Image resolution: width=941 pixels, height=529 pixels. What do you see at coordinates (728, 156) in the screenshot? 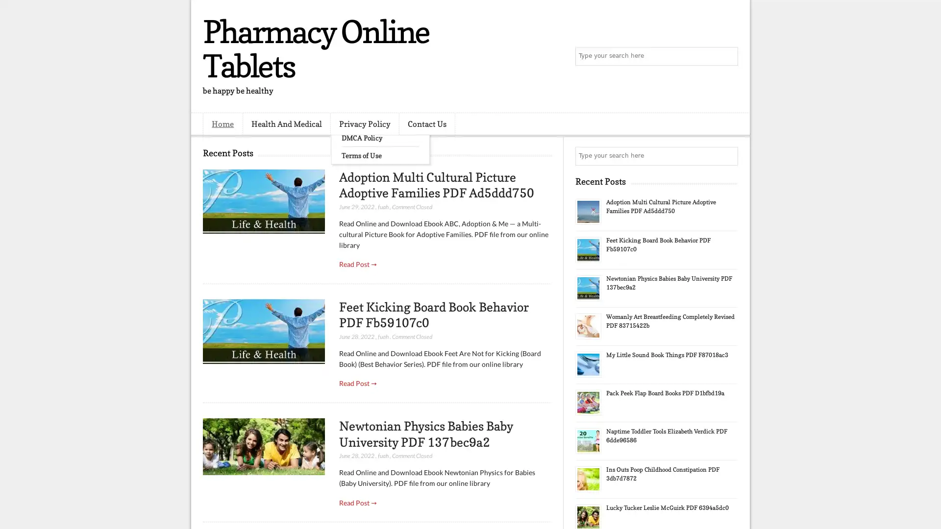
I see `Search` at bounding box center [728, 156].